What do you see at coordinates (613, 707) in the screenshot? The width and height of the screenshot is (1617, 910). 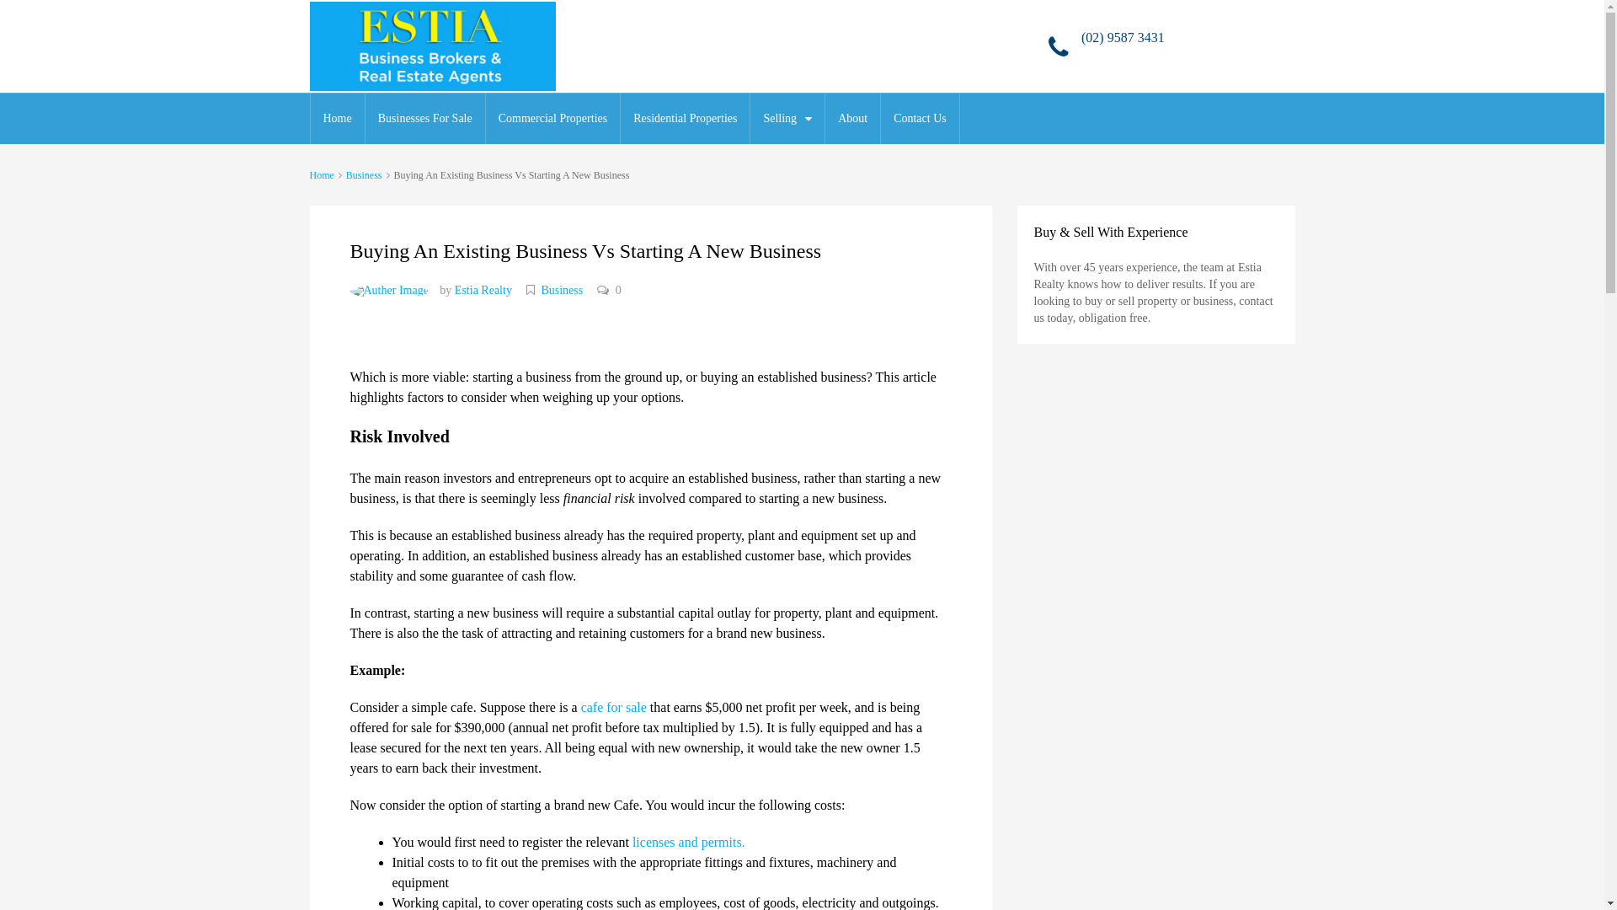 I see `'cafe for sale'` at bounding box center [613, 707].